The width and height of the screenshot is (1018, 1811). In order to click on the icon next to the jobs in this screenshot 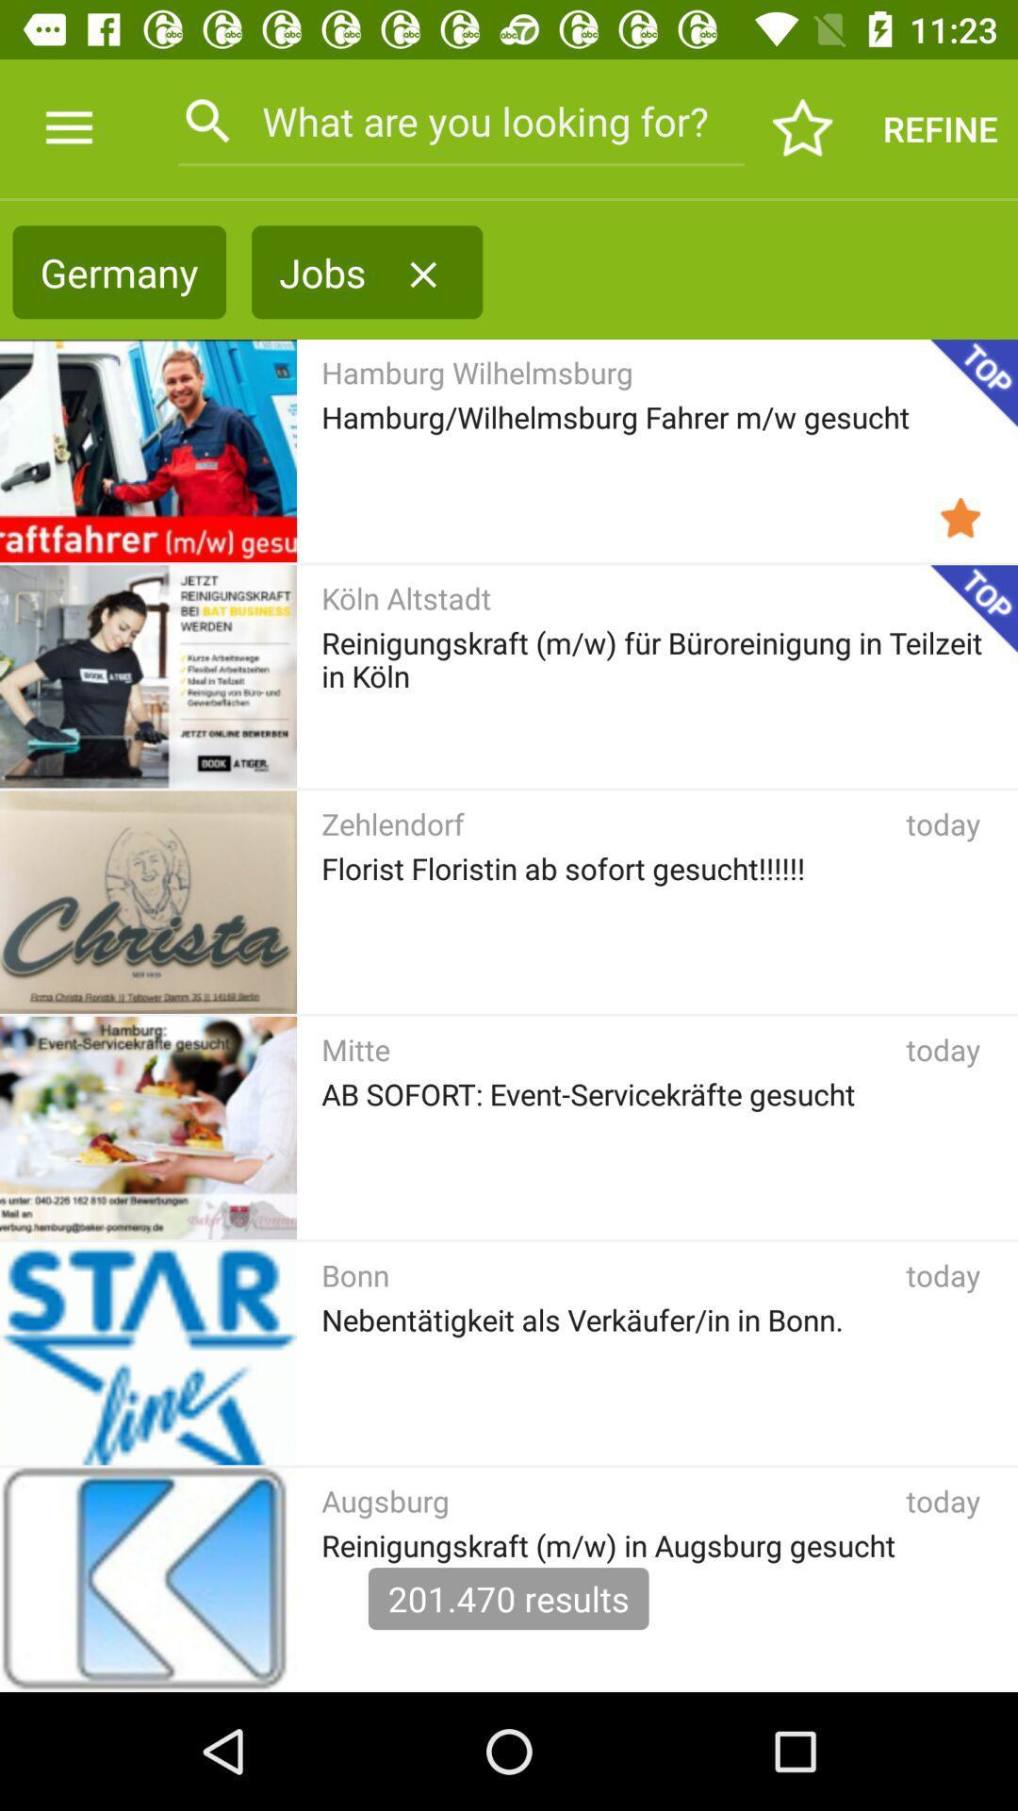, I will do `click(422, 274)`.